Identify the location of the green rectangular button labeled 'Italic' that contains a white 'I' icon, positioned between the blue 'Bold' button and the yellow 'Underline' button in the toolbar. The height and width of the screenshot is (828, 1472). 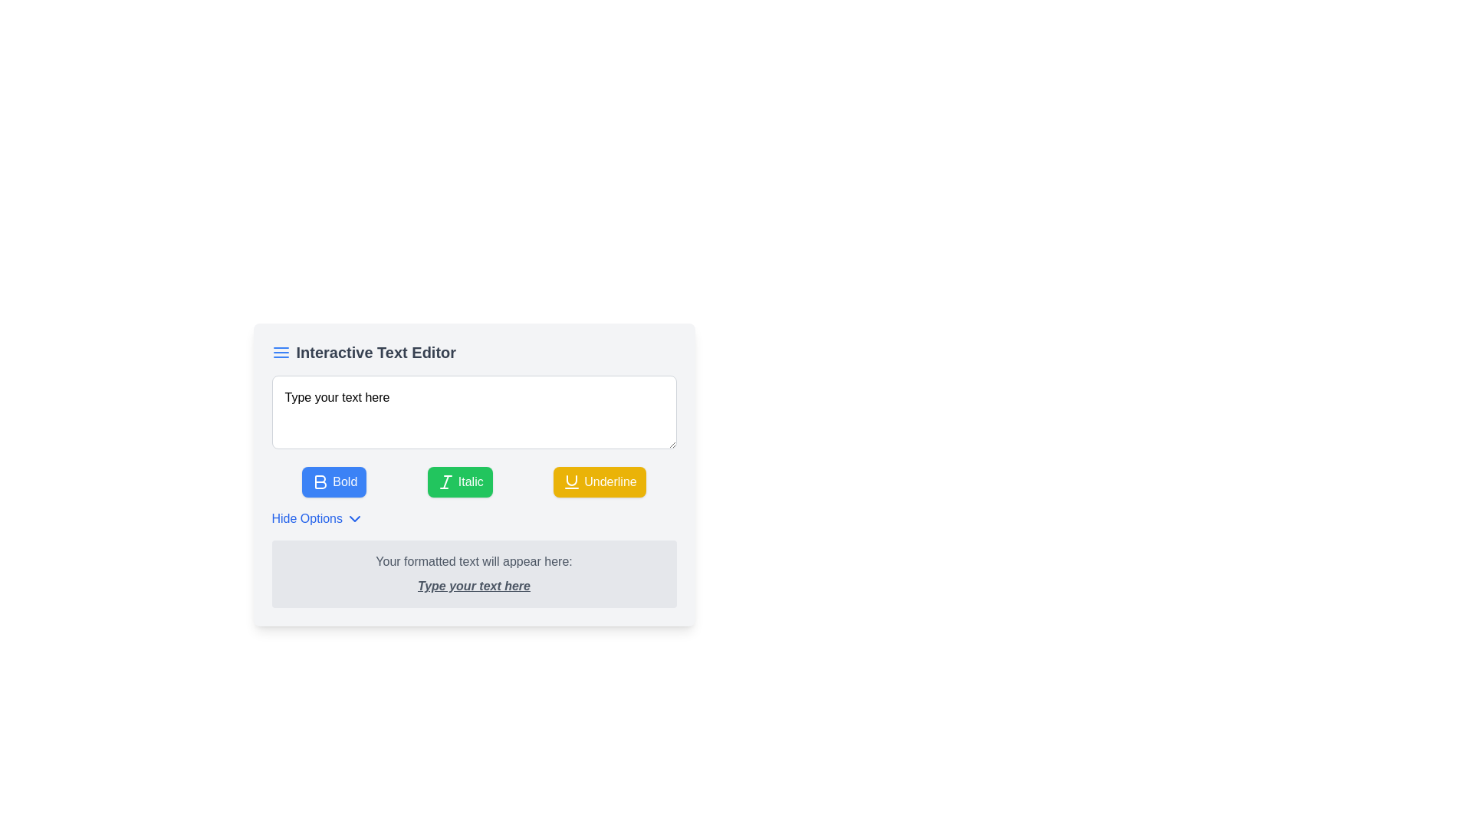
(459, 481).